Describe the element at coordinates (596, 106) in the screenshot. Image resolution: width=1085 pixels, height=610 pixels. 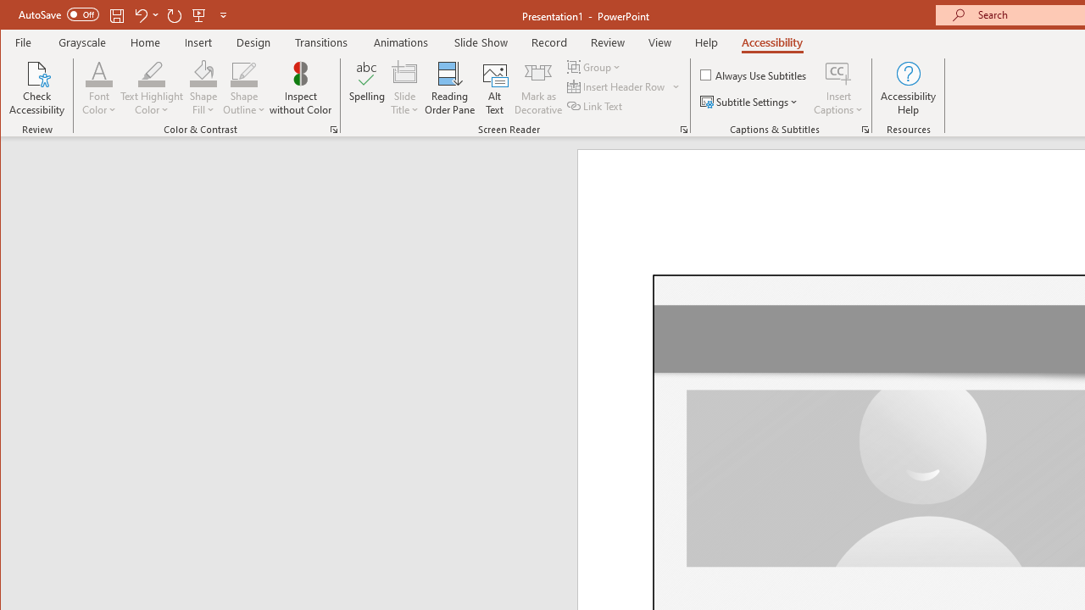
I see `'Link Text'` at that location.